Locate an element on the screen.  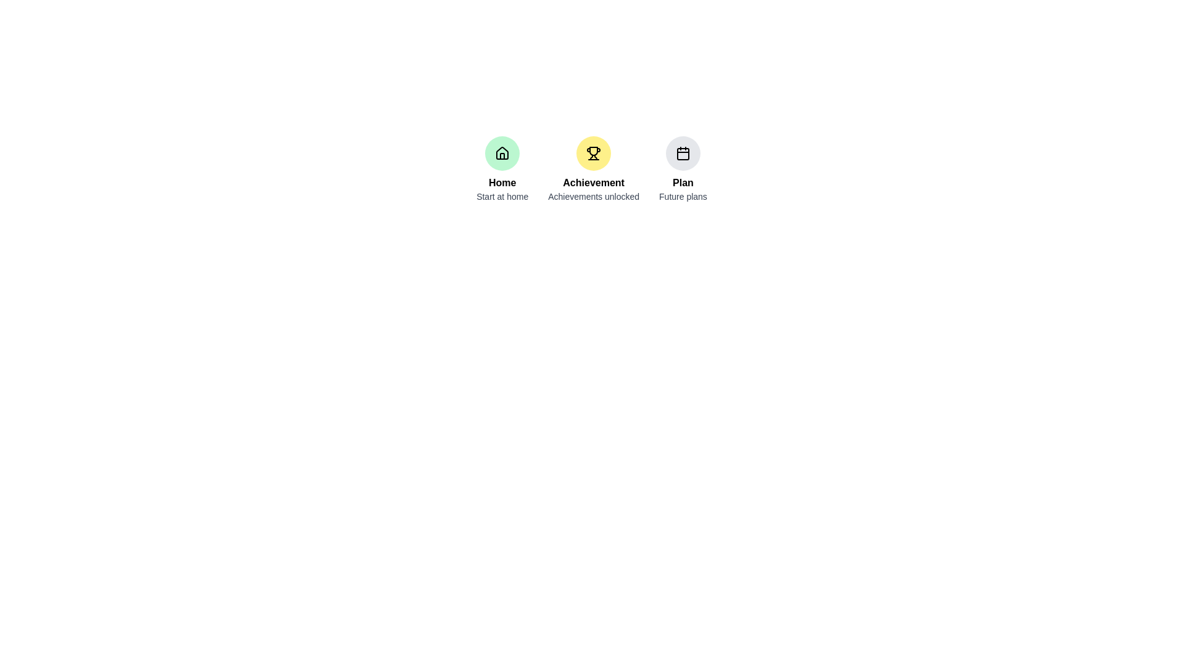
text label displaying 'Start at home', which is styled in a small, gray font and located directly beneath the bold 'Home' label is located at coordinates (502, 196).